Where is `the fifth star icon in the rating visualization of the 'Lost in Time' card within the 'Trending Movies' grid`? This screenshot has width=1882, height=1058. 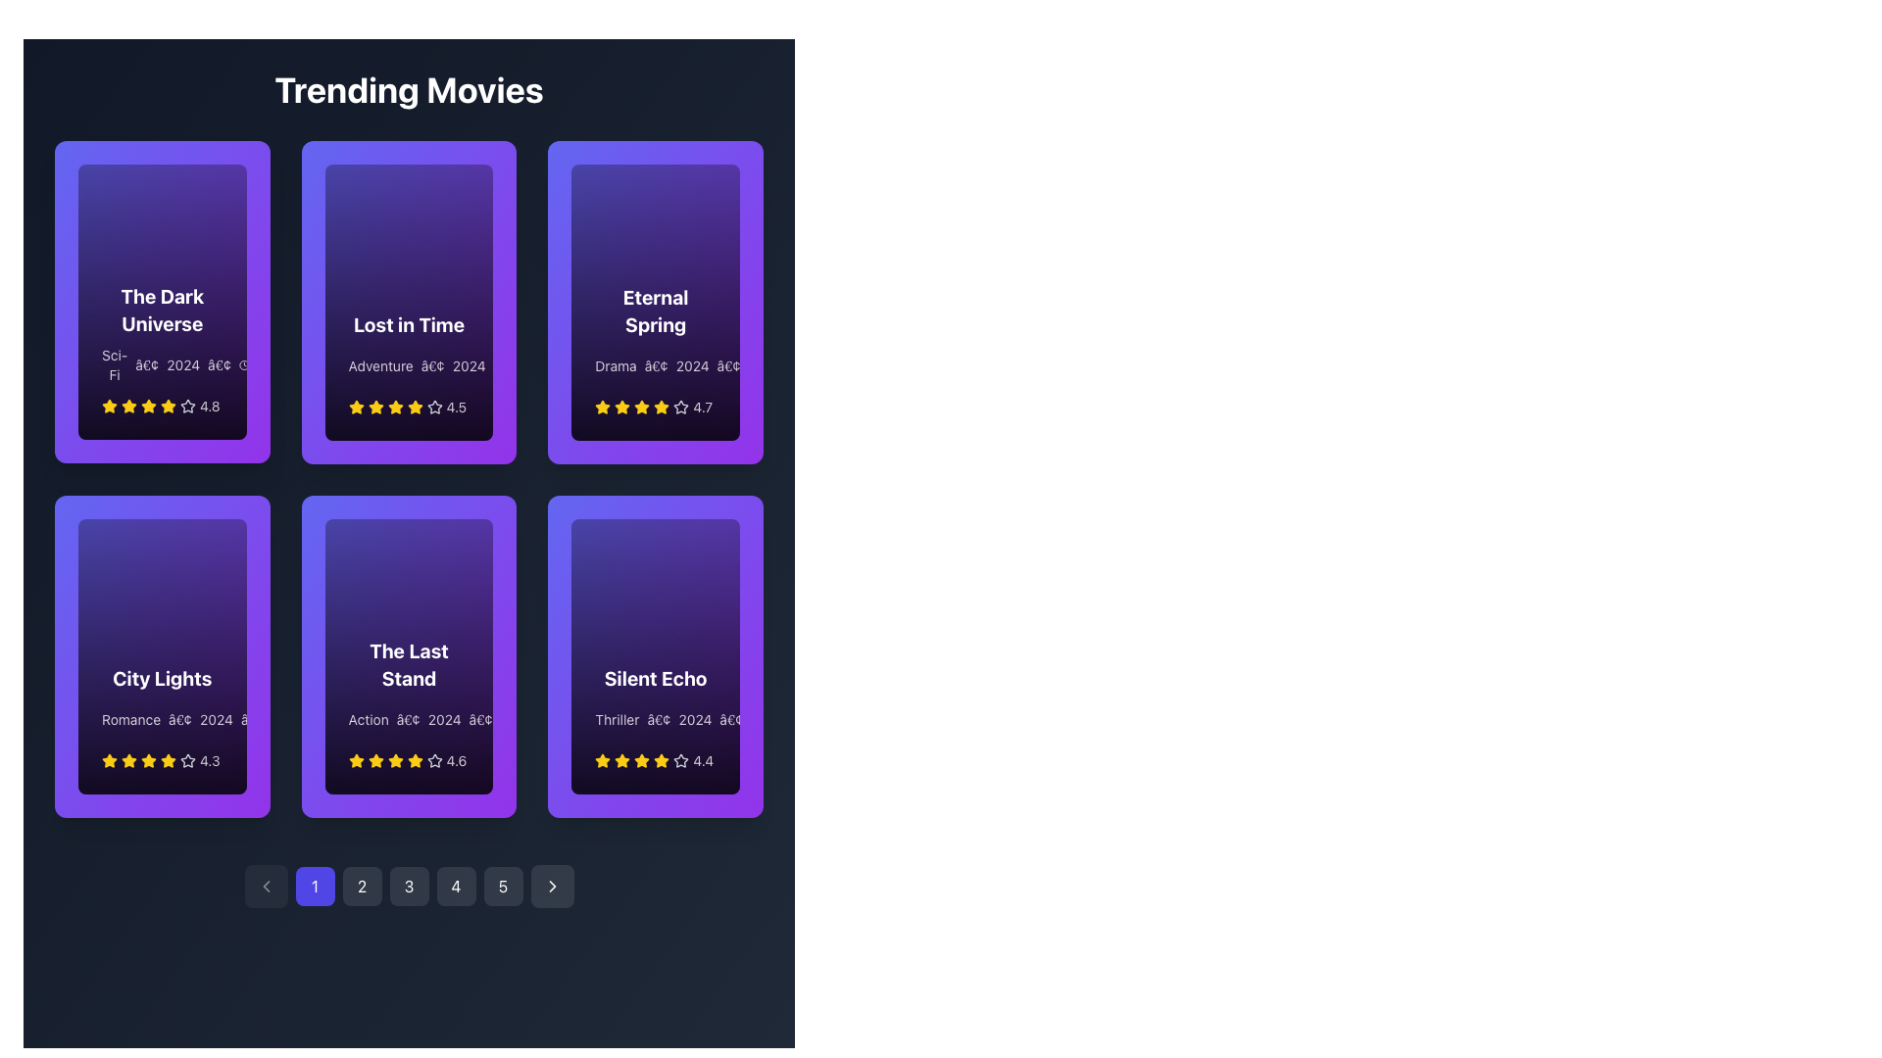
the fifth star icon in the rating visualization of the 'Lost in Time' card within the 'Trending Movies' grid is located at coordinates (414, 406).